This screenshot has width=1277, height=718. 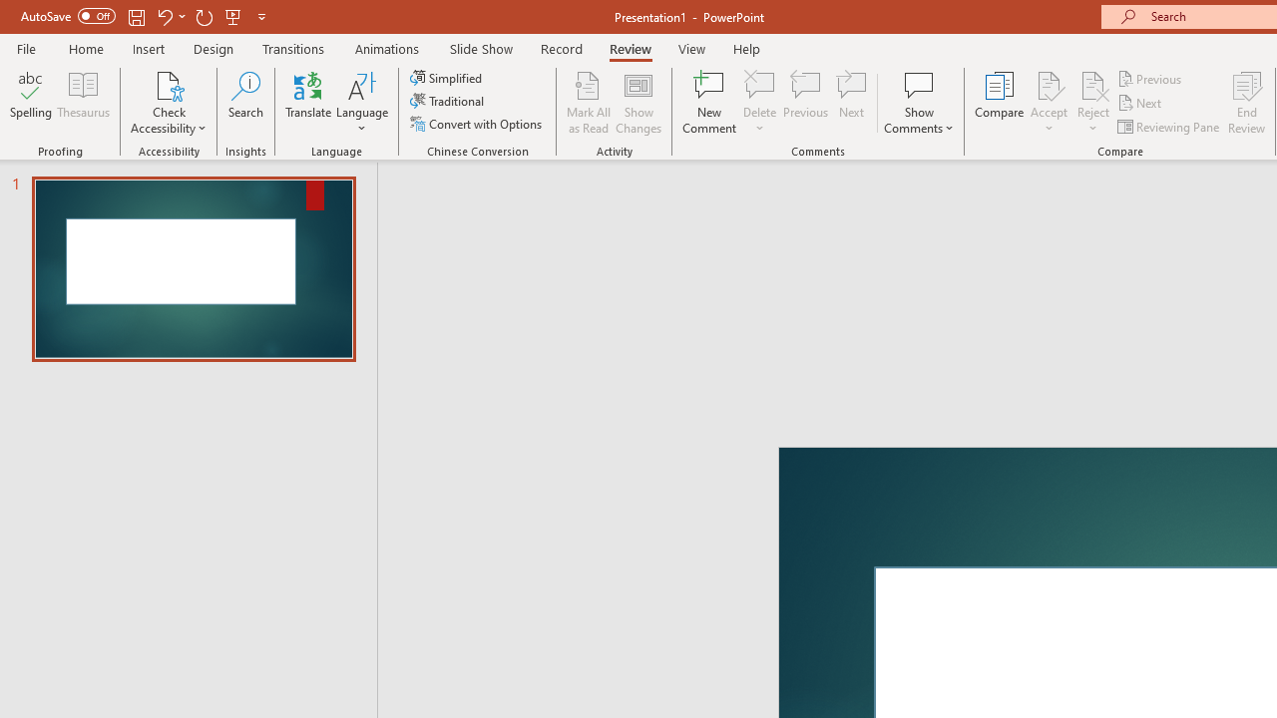 What do you see at coordinates (194, 269) in the screenshot?
I see `'Slide'` at bounding box center [194, 269].